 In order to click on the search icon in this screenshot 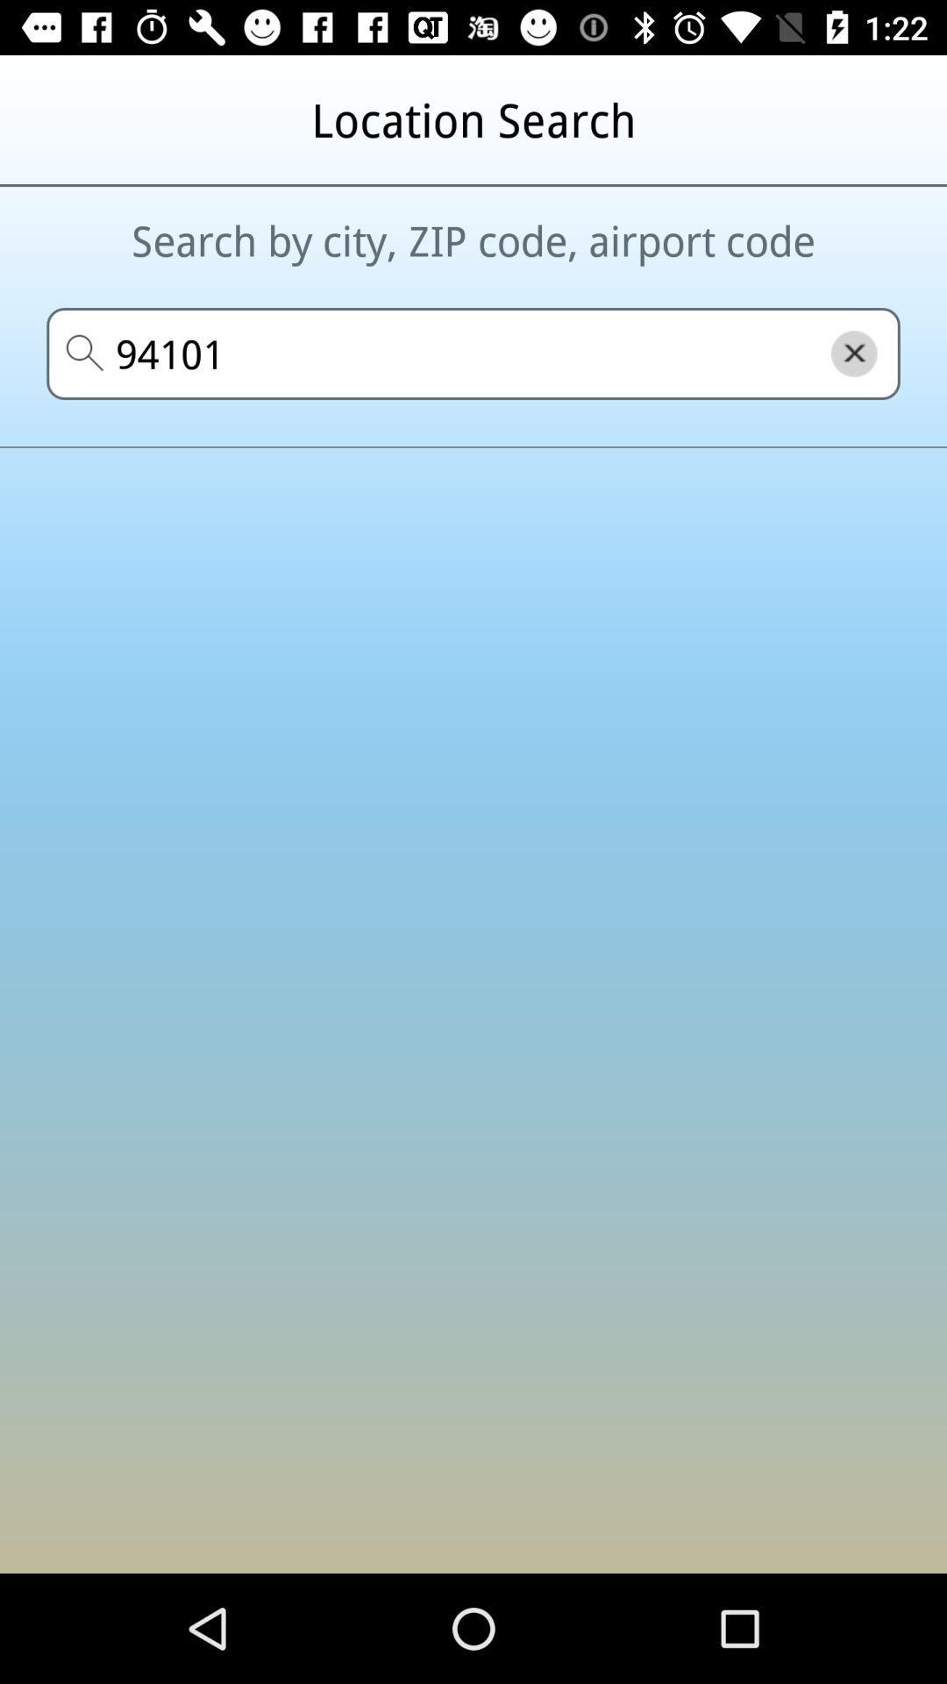, I will do `click(85, 353)`.